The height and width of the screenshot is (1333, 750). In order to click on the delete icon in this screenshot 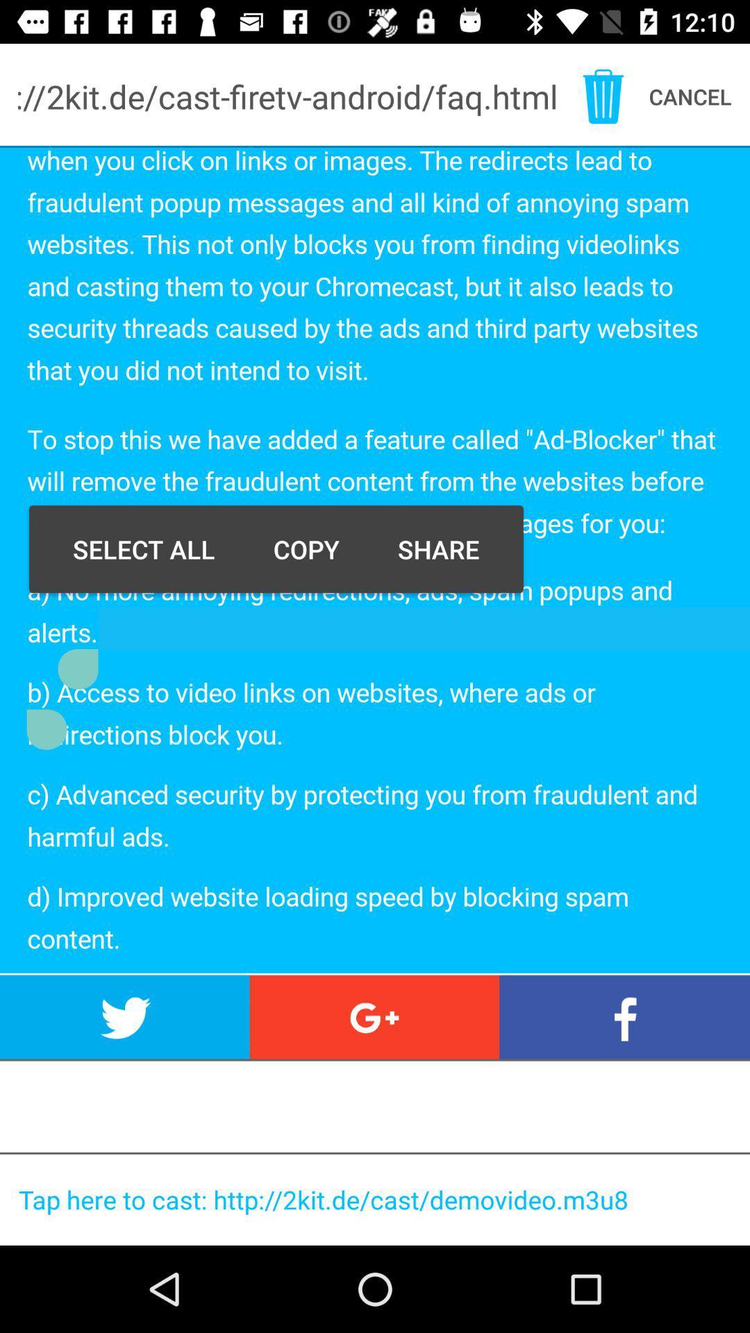, I will do `click(602, 96)`.